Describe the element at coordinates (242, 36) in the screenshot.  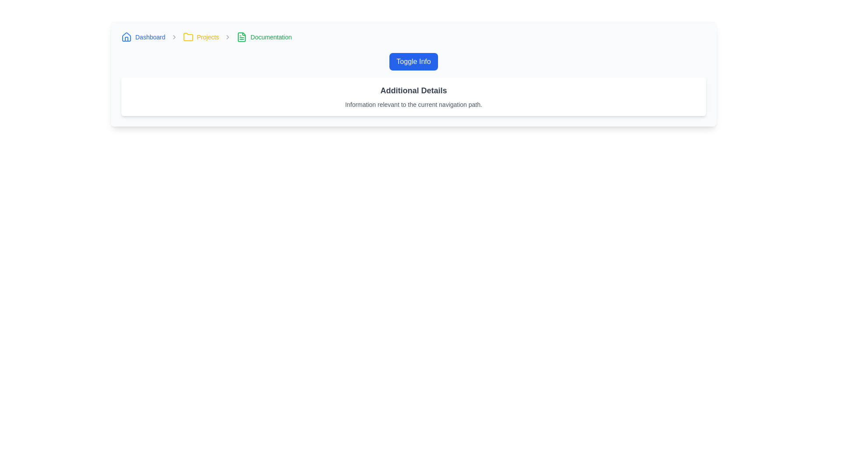
I see `the green document icon located in the breadcrumb navigation bar, situated between the folder icon for 'Projects' and the text 'Documentation'` at that location.